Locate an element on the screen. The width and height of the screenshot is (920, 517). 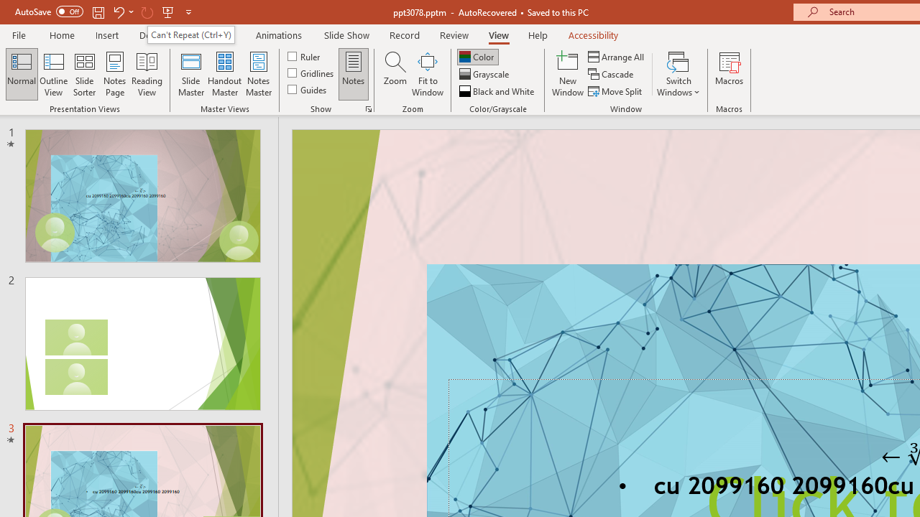
'Color' is located at coordinates (477, 56).